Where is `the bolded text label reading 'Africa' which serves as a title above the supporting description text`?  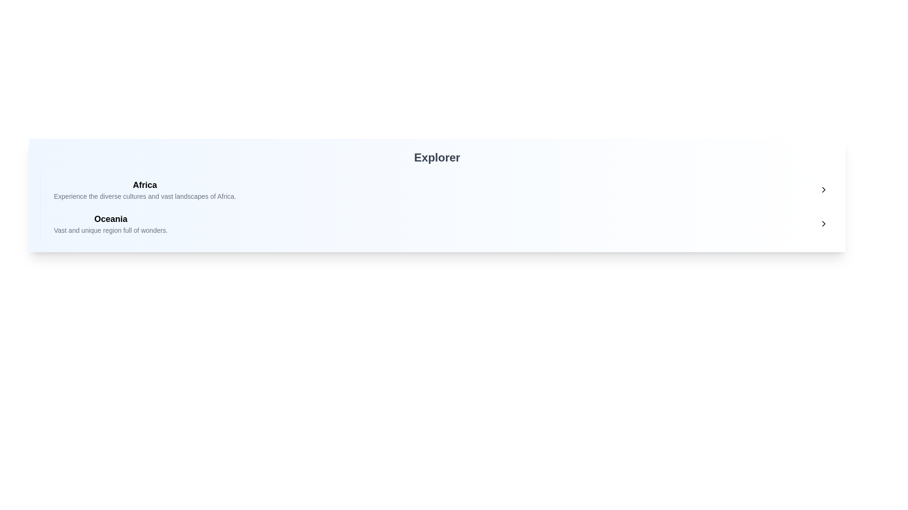 the bolded text label reading 'Africa' which serves as a title above the supporting description text is located at coordinates (144, 185).